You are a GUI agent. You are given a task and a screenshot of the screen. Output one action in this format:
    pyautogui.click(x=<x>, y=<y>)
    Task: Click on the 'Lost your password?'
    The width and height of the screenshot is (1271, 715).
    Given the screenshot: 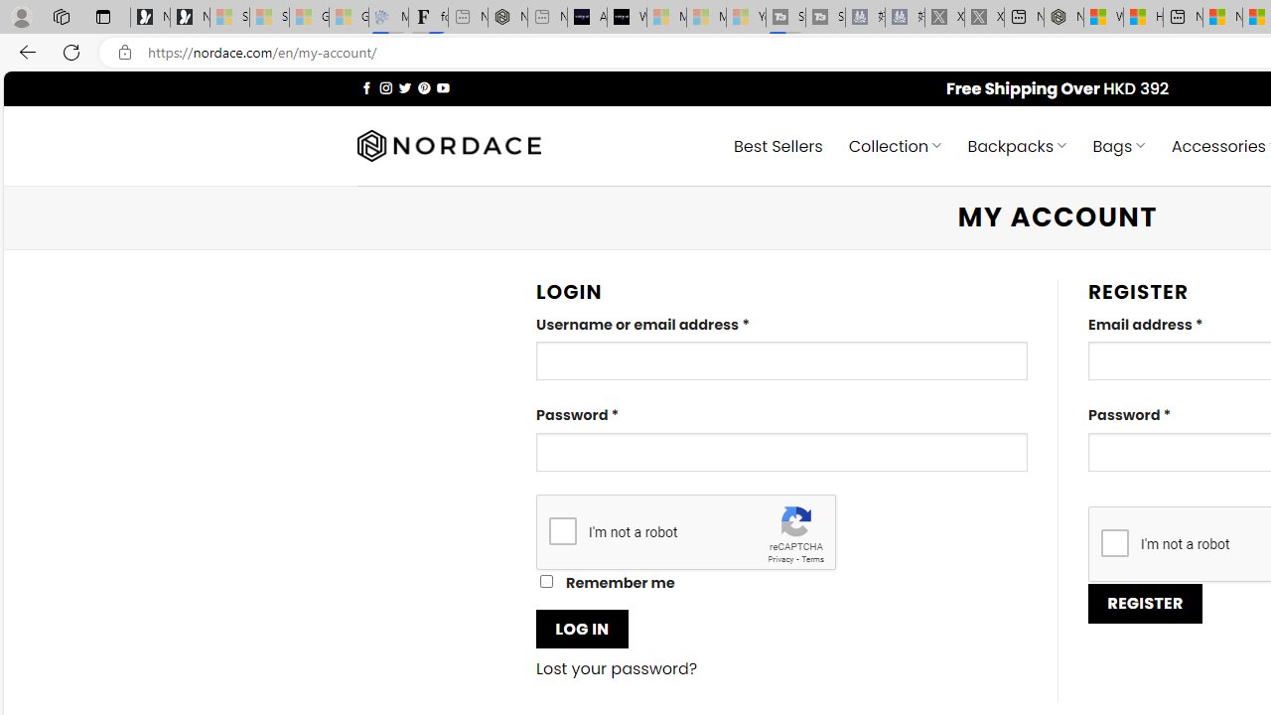 What is the action you would take?
    pyautogui.click(x=616, y=668)
    